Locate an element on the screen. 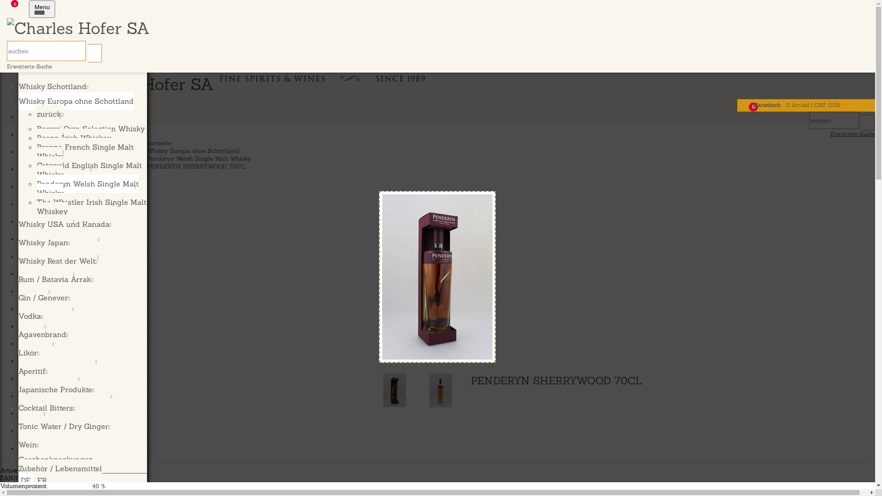 Image resolution: width=882 pixels, height=496 pixels. 'Cocktail Bitters' is located at coordinates (46, 407).